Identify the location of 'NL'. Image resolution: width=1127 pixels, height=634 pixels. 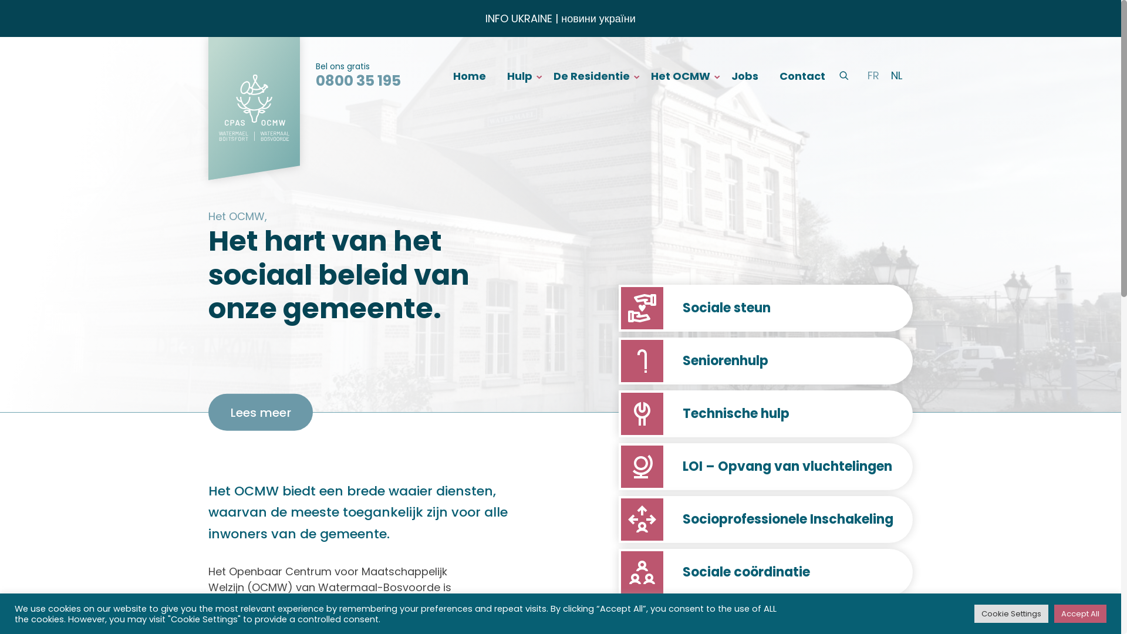
(896, 75).